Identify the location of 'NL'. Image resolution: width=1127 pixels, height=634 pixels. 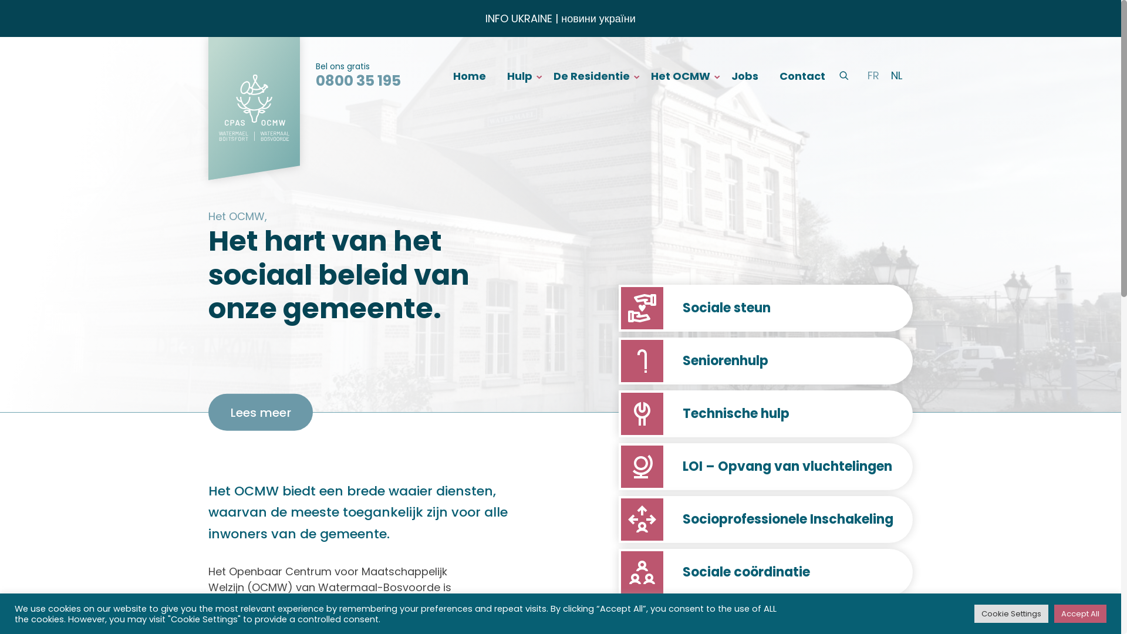
(896, 75).